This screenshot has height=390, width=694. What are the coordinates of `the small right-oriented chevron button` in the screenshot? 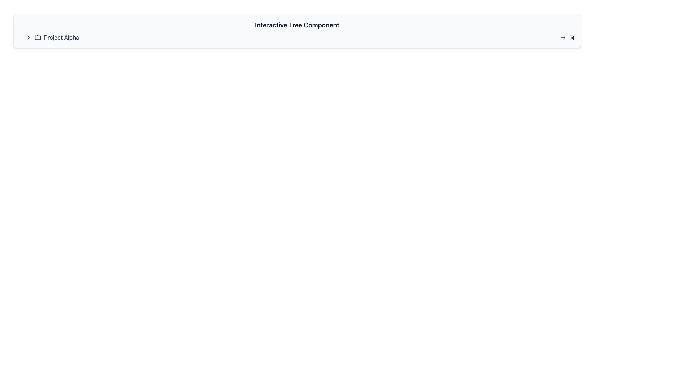 It's located at (28, 38).